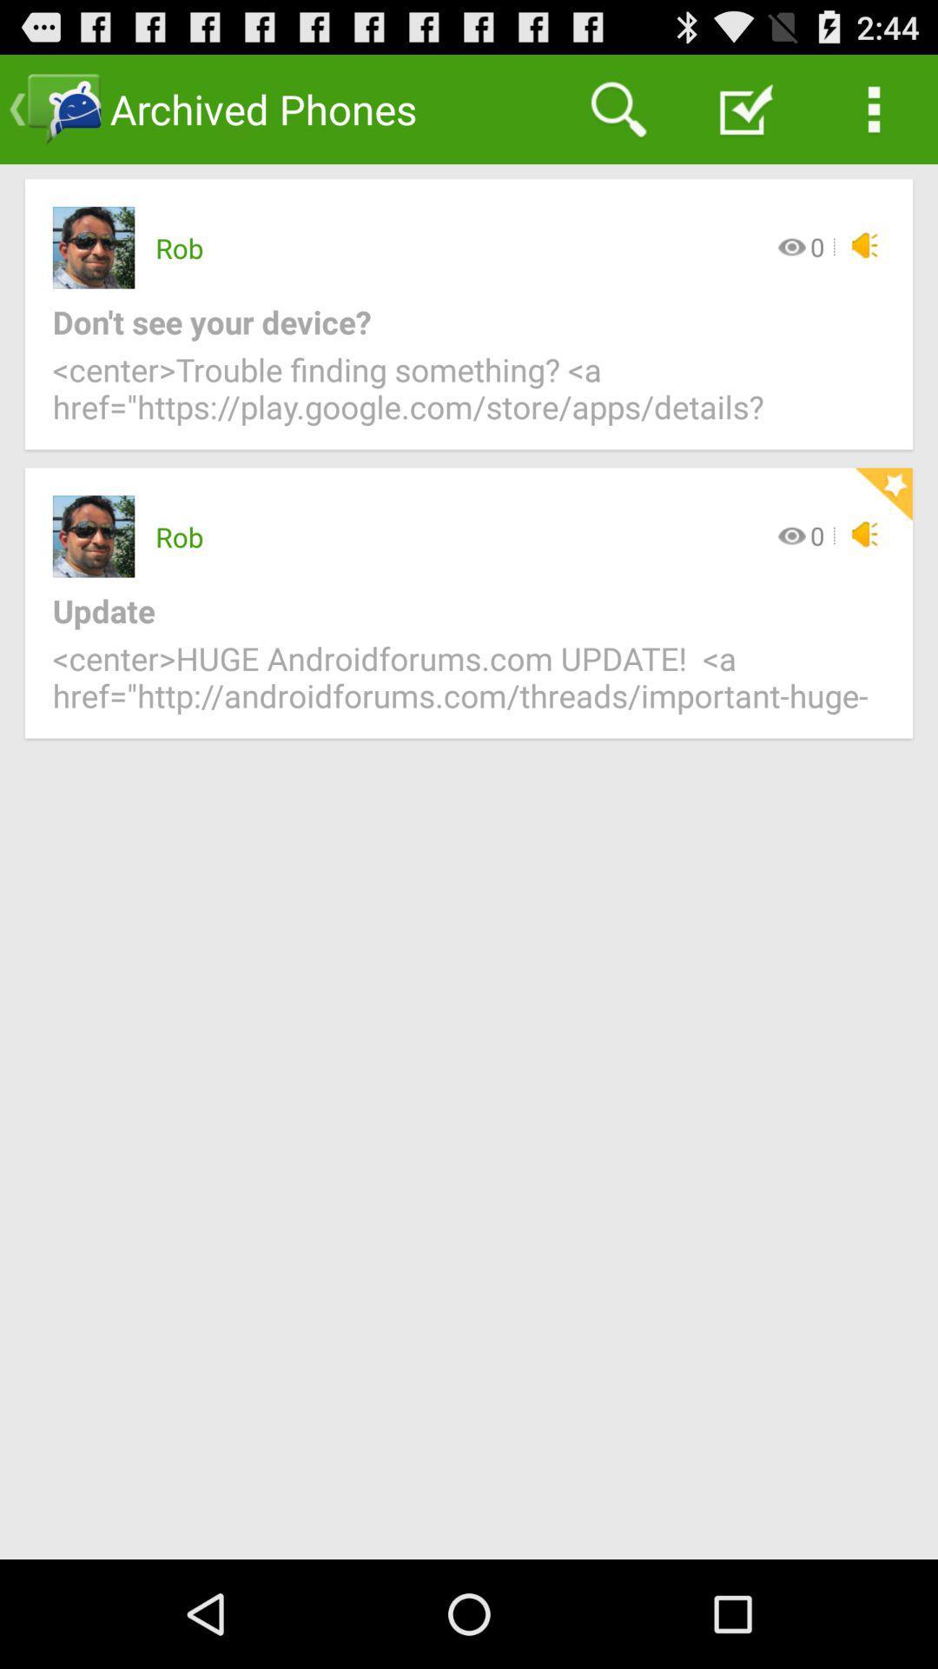  What do you see at coordinates (618, 108) in the screenshot?
I see `icon next to the archived phones item` at bounding box center [618, 108].